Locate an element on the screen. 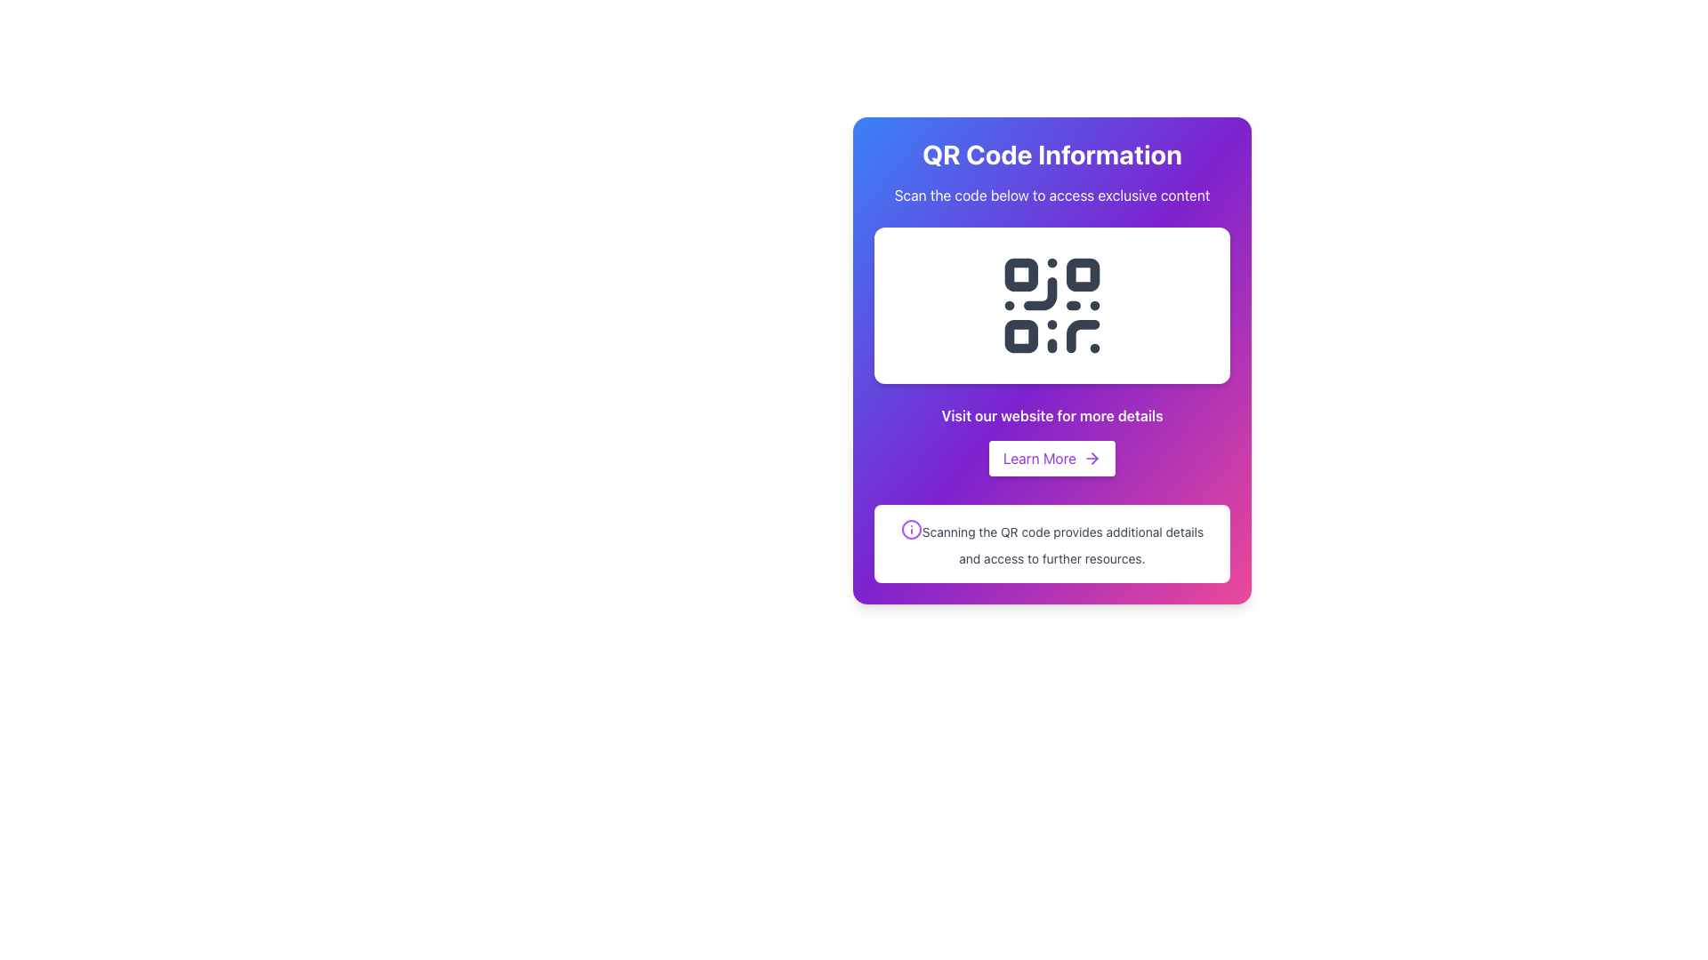 The width and height of the screenshot is (1708, 960). the text block containing 'QR Code Information' and 'Scan the code below is located at coordinates (1051, 172).